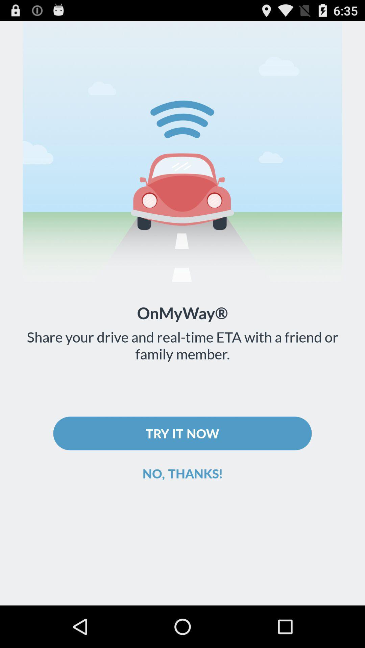  Describe the element at coordinates (182, 433) in the screenshot. I see `try it now icon` at that location.